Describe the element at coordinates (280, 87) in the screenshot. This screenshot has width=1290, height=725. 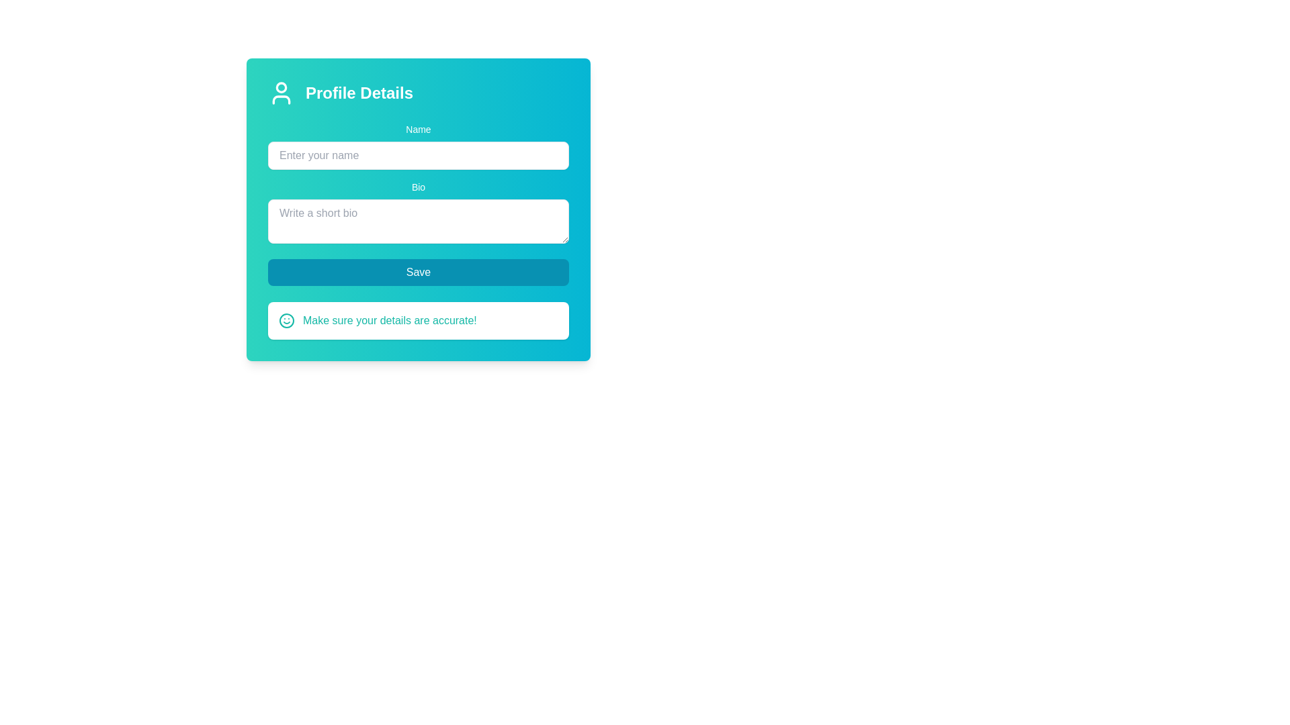
I see `the small circular graphical element representing the user profile image located at the top left of the 'Profile Details' panel` at that location.